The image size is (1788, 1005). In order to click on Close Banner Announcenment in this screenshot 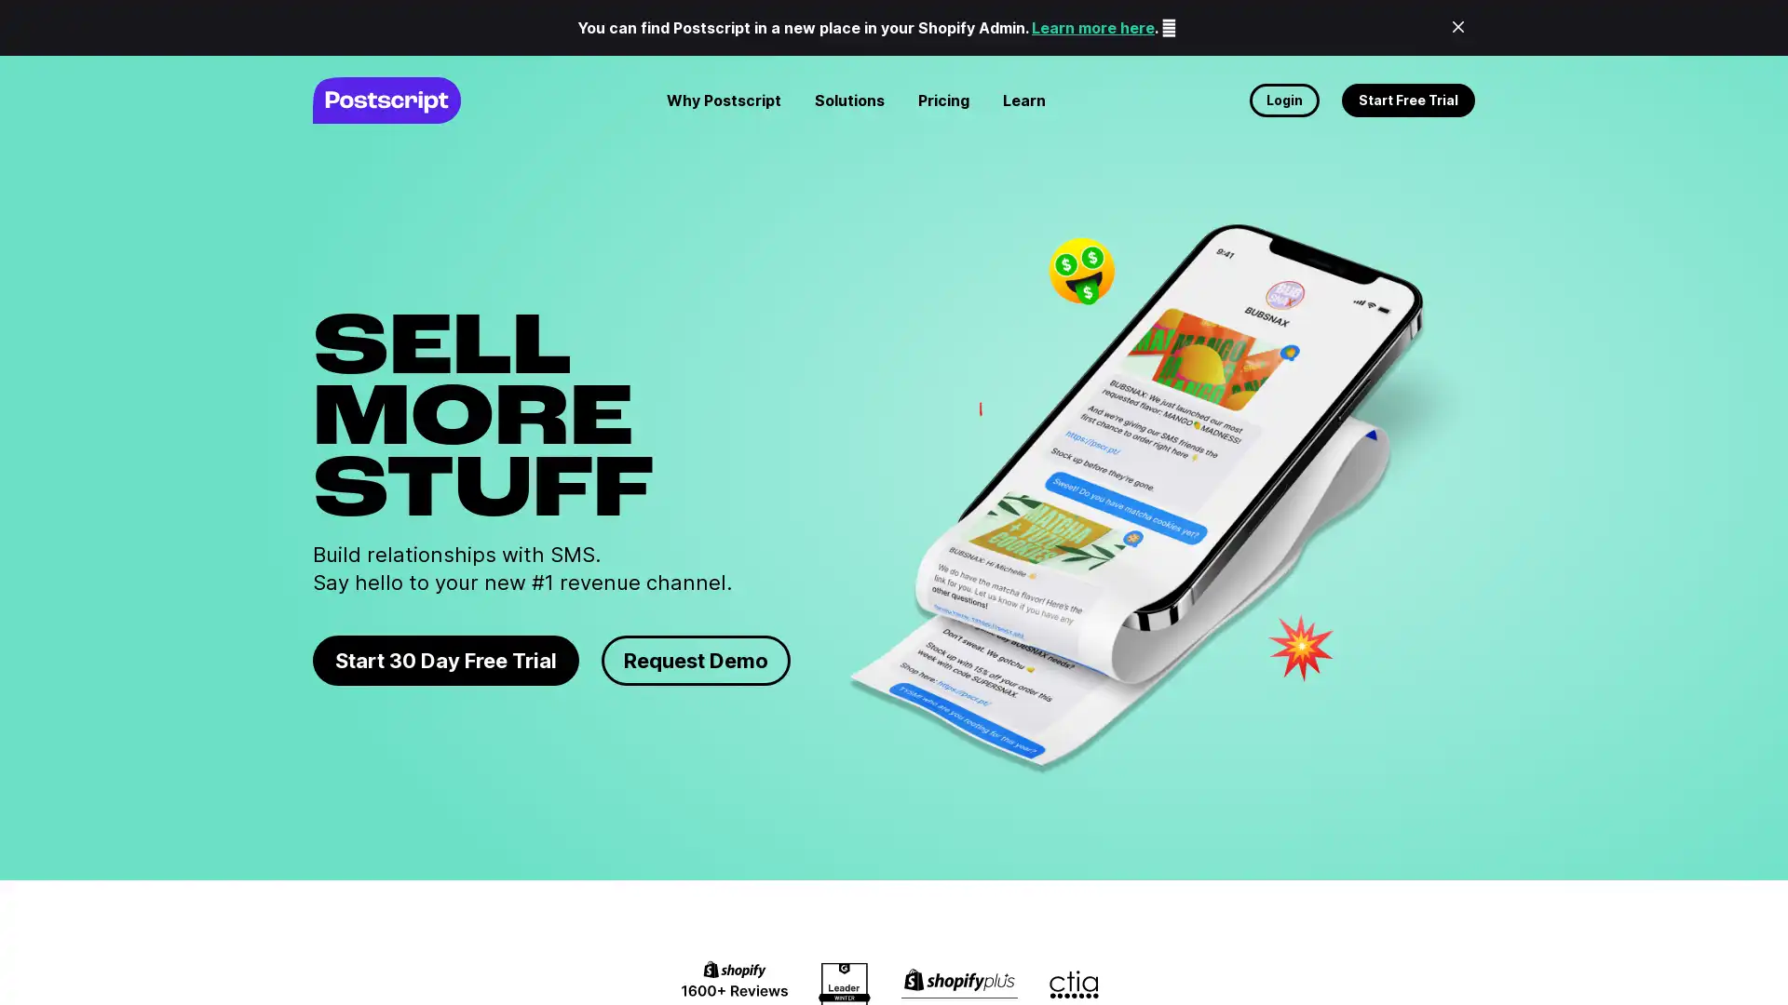, I will do `click(1456, 27)`.